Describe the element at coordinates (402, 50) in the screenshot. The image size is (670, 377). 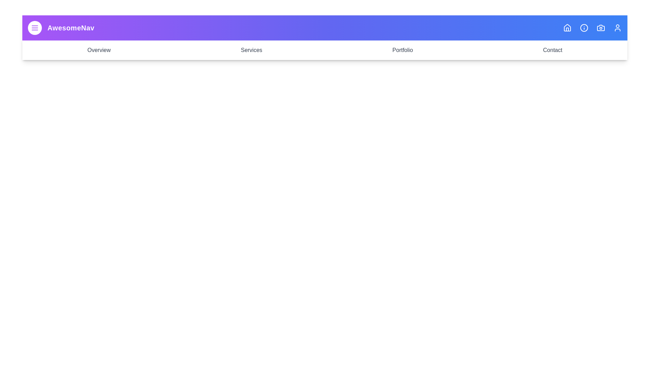
I see `the navigation link labeled Portfolio to navigate to the respective section` at that location.